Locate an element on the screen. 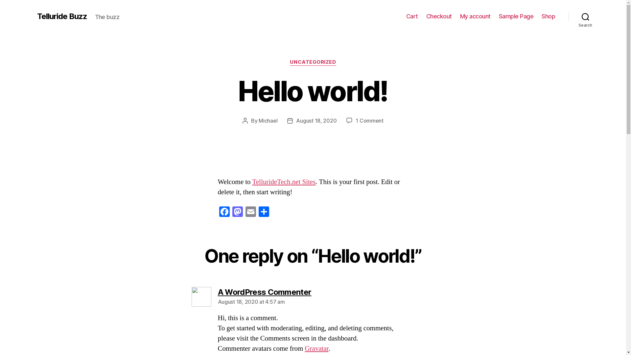 The width and height of the screenshot is (631, 355). 'Email' is located at coordinates (250, 213).